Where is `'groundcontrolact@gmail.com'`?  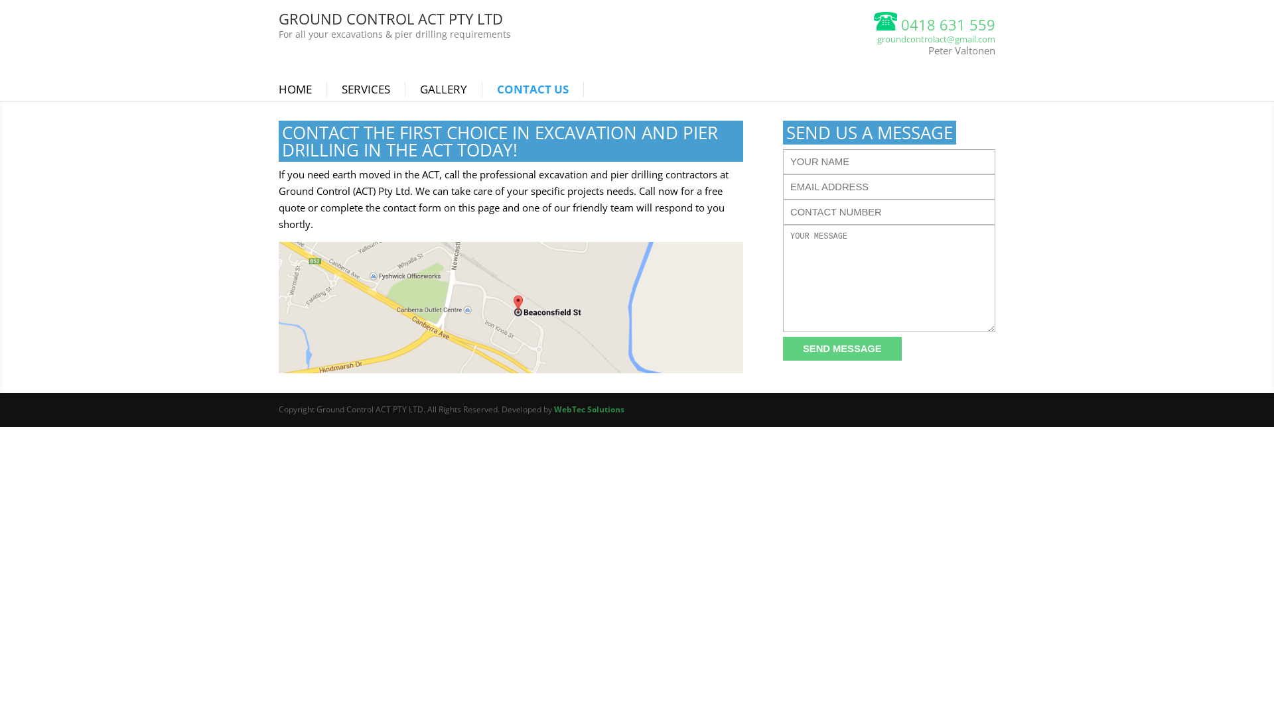 'groundcontrolact@gmail.com' is located at coordinates (936, 38).